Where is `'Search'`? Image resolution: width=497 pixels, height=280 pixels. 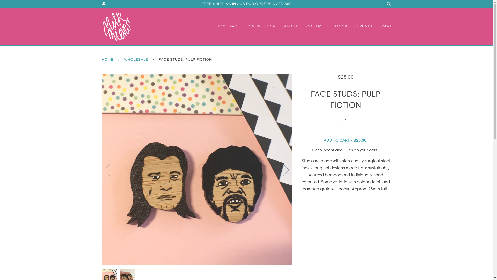
'Search' is located at coordinates (388, 4).